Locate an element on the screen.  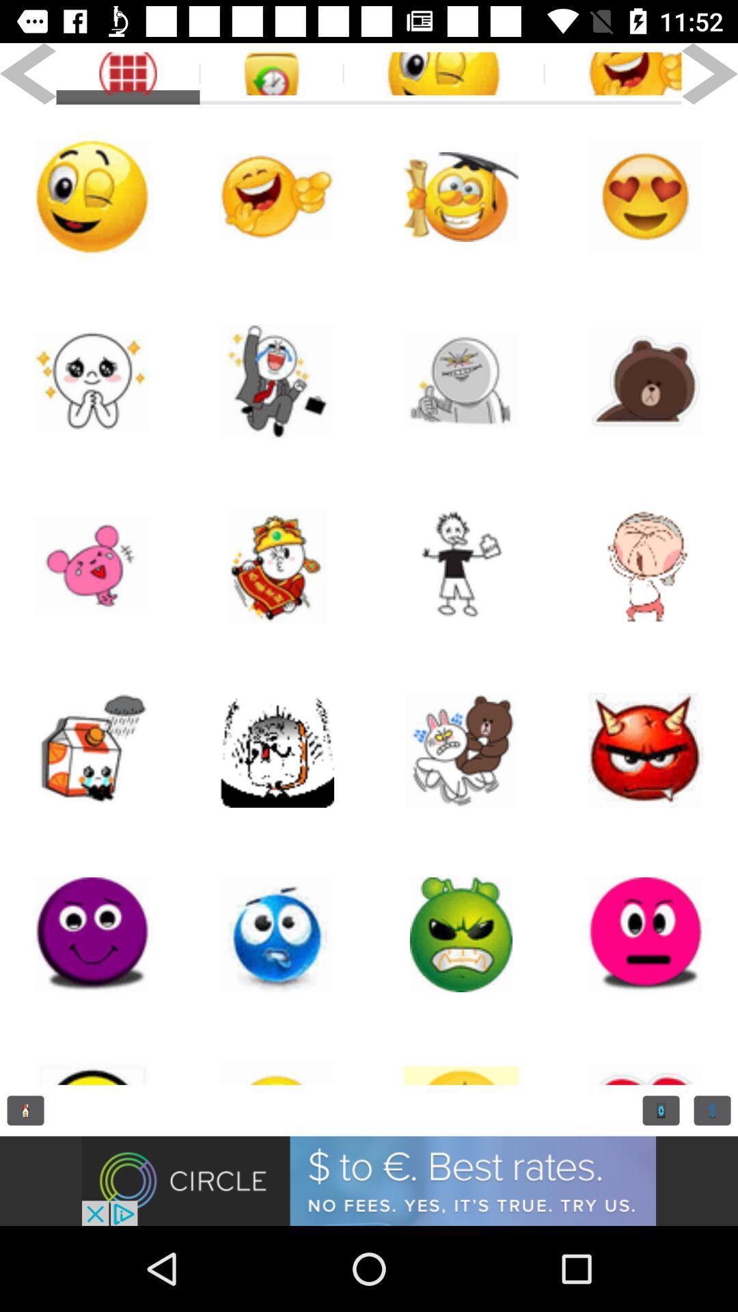
laugh emoji is located at coordinates (277, 196).